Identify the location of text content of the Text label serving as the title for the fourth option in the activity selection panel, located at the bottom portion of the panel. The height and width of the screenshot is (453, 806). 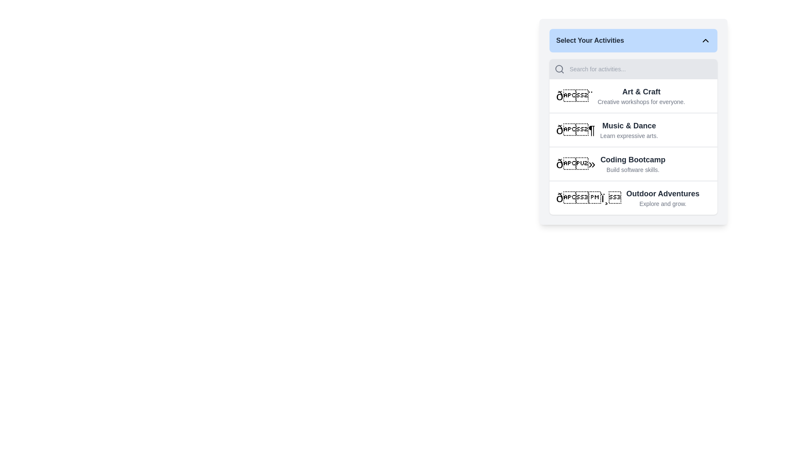
(662, 194).